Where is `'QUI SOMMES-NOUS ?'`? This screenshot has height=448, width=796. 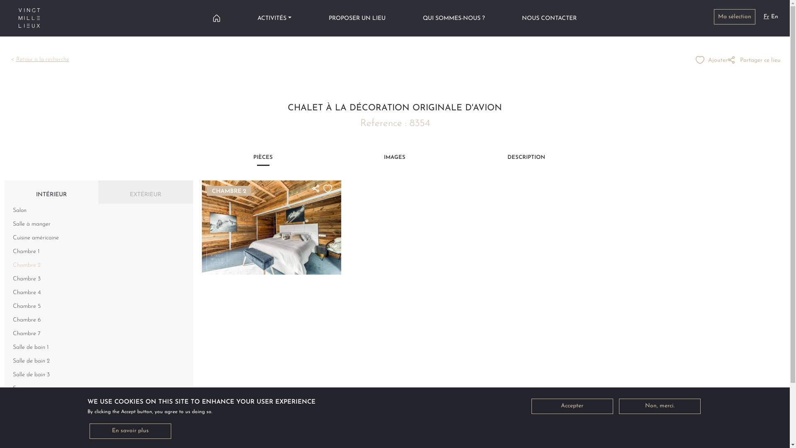
'QUI SOMMES-NOUS ?' is located at coordinates (453, 18).